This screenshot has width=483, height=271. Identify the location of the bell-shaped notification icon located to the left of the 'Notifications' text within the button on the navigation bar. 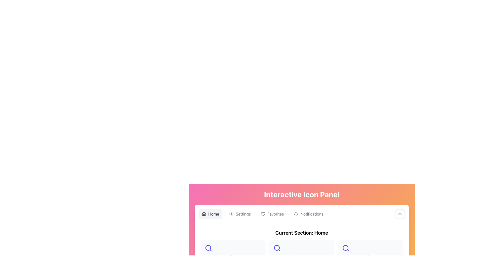
(296, 214).